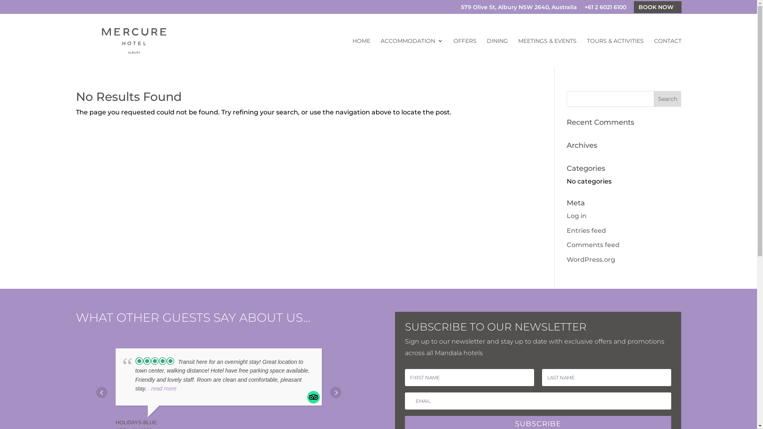 This screenshot has height=429, width=763. Describe the element at coordinates (604, 9) in the screenshot. I see `'+61 2 6021 6100'` at that location.